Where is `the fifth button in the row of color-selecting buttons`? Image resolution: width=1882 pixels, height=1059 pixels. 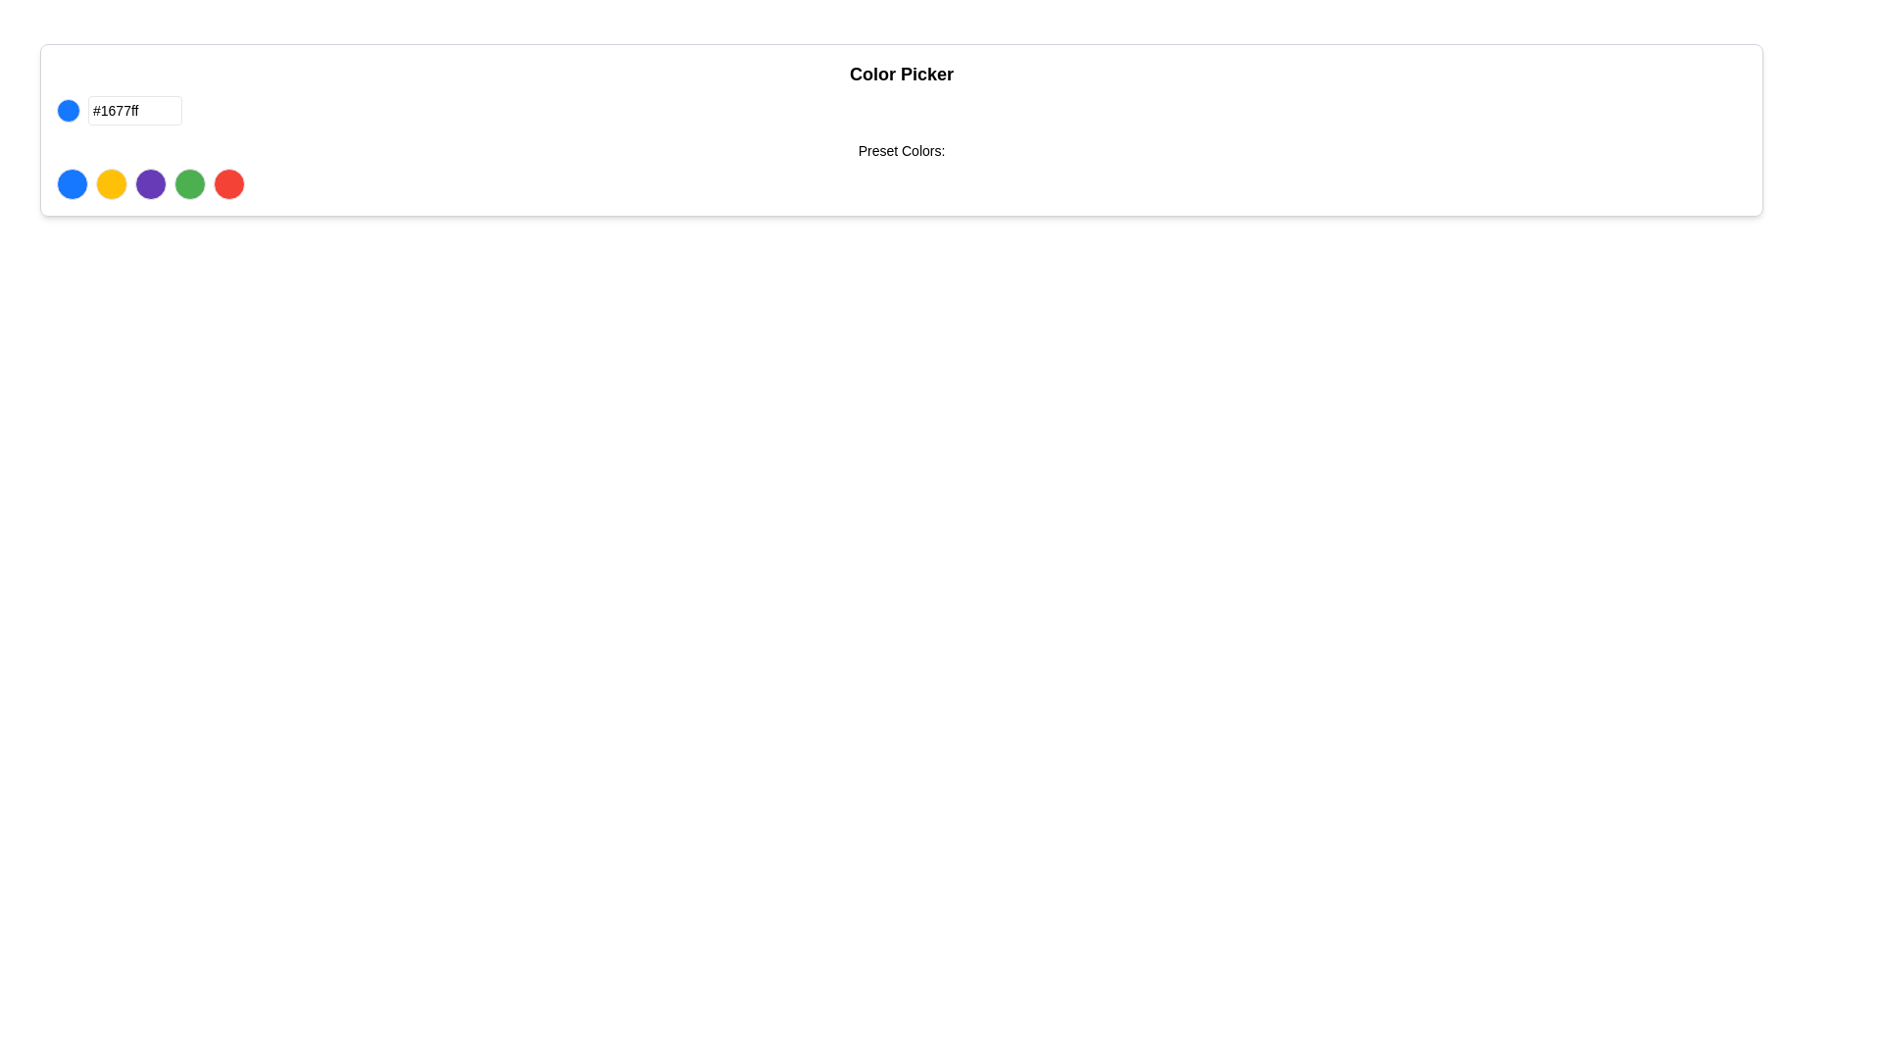
the fifth button in the row of color-selecting buttons is located at coordinates (229, 184).